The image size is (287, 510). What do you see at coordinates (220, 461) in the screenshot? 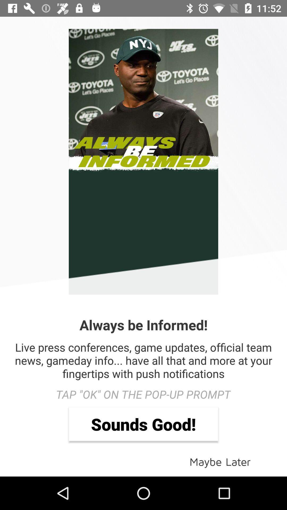
I see `icon at the bottom right corner` at bounding box center [220, 461].